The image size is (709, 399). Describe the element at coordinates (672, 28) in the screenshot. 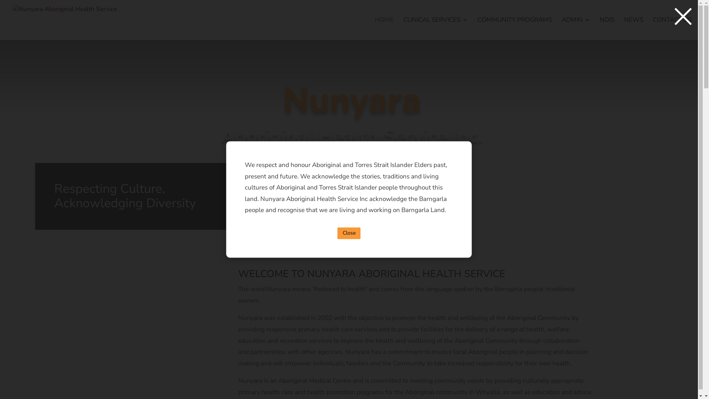

I see `'CONTACT US'` at that location.